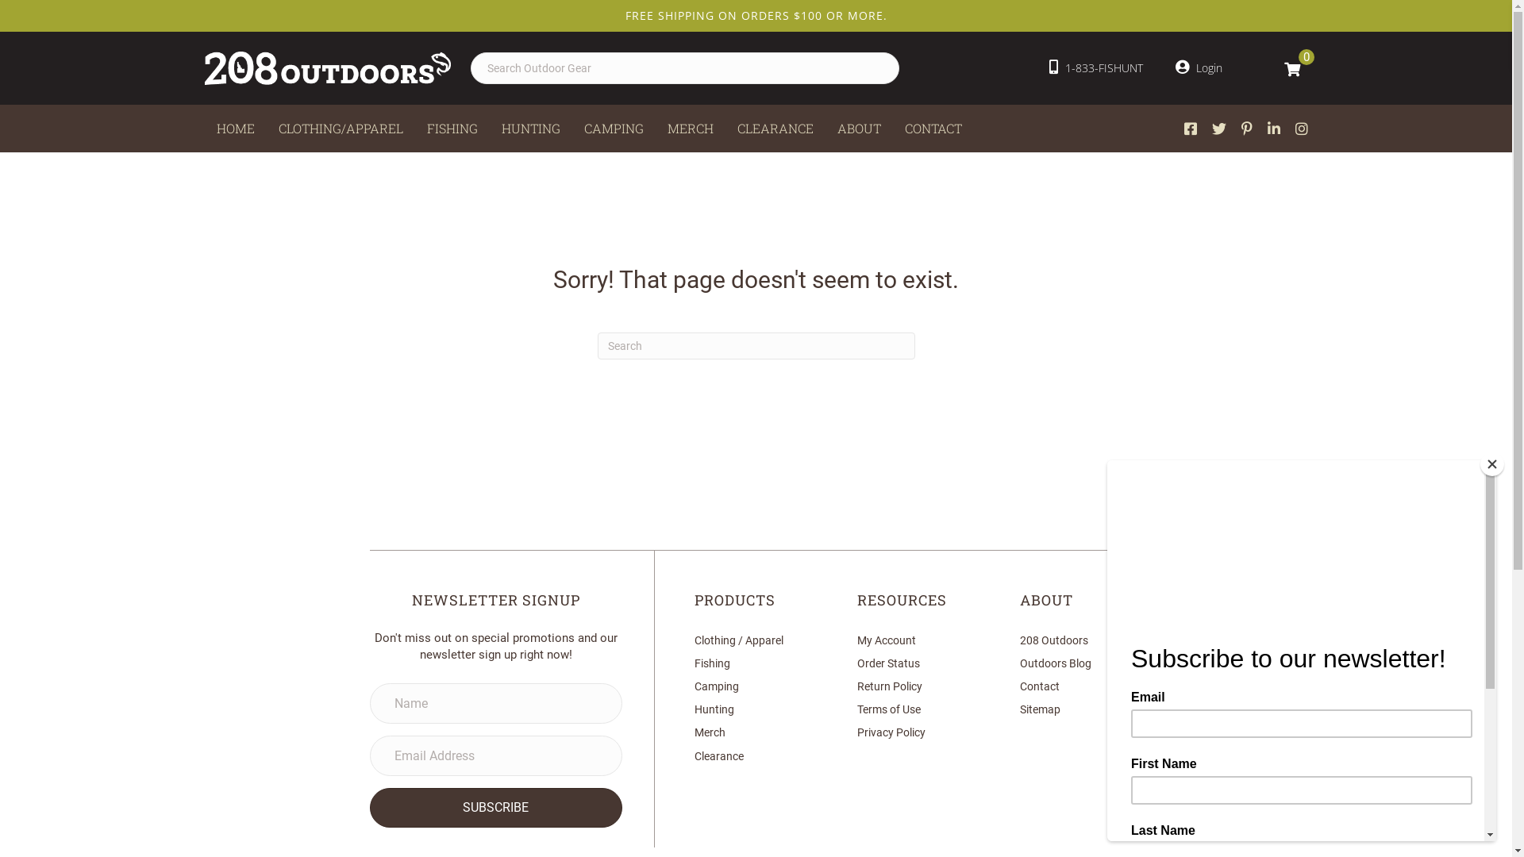  I want to click on 'CLEARANCE', so click(775, 128).